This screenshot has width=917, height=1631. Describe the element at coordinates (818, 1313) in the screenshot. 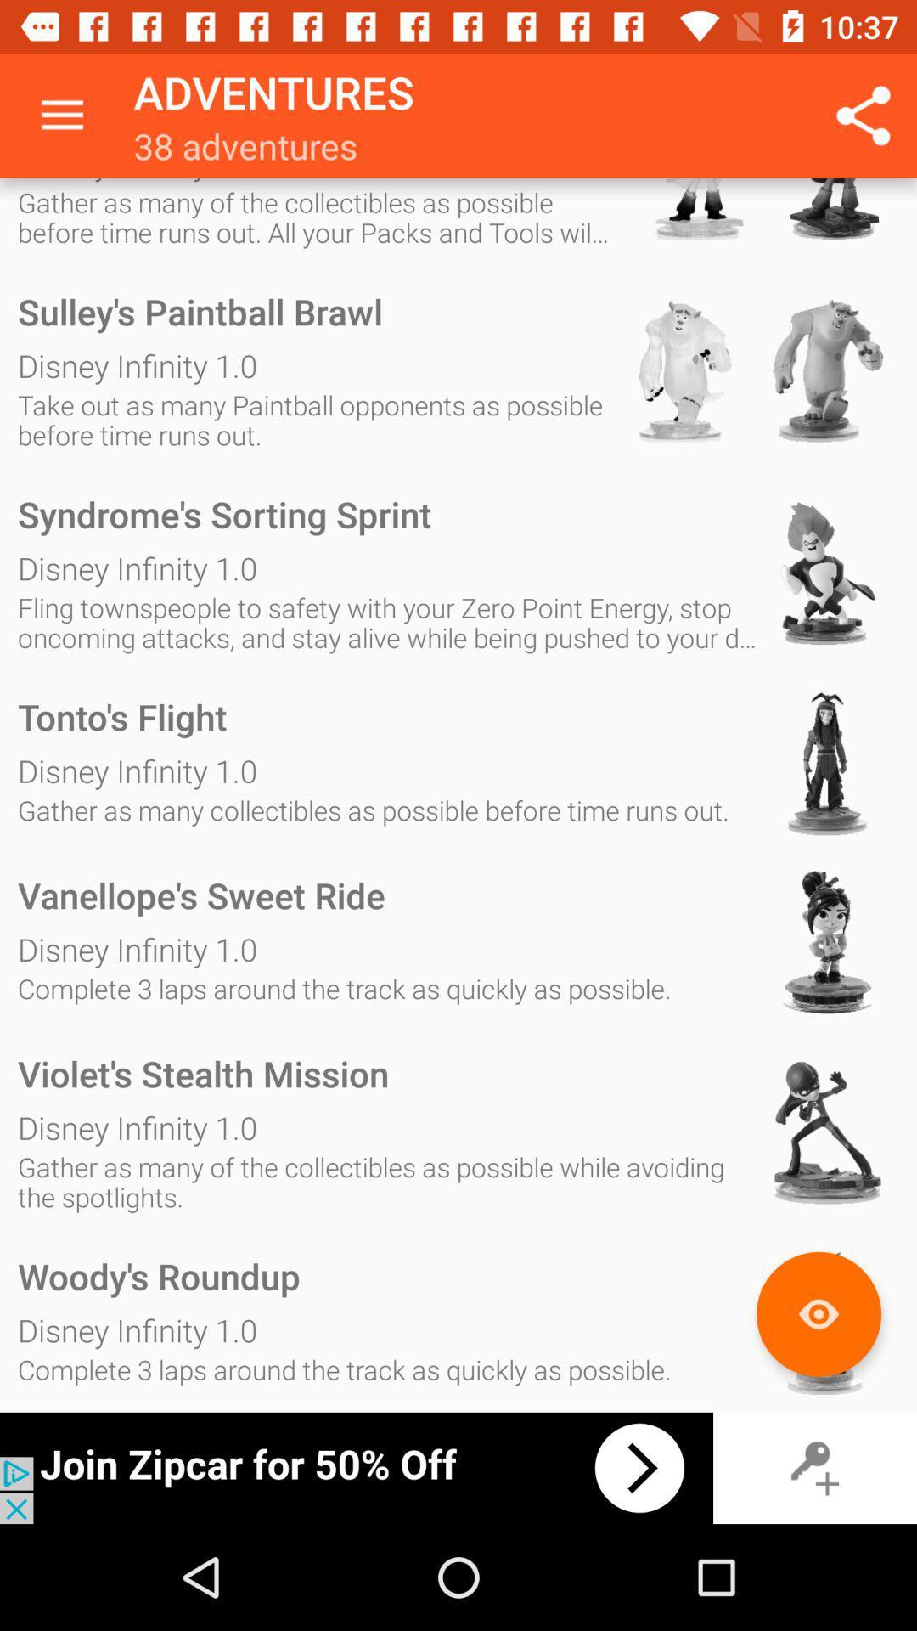

I see `search button` at that location.